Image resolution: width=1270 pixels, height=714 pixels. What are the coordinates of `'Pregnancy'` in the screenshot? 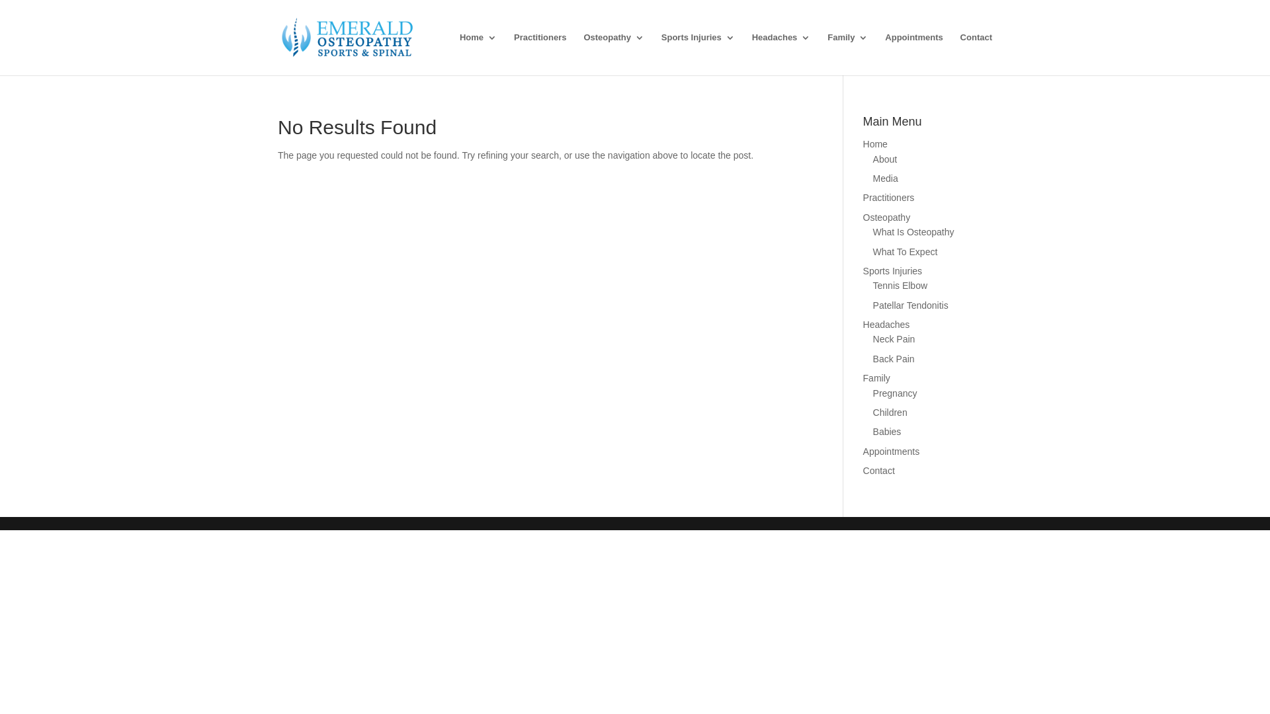 It's located at (895, 392).